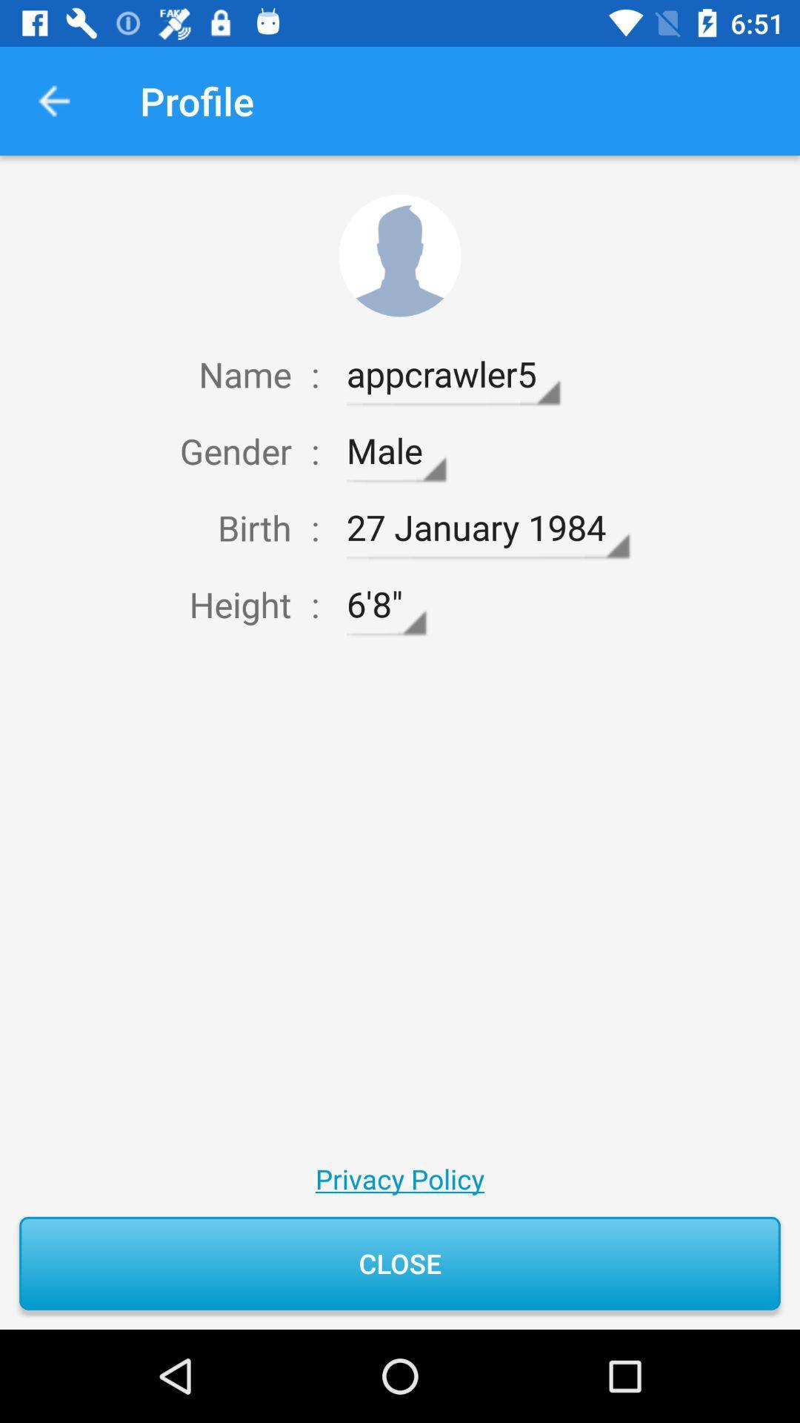 This screenshot has height=1423, width=800. What do you see at coordinates (400, 256) in the screenshot?
I see `the avatar icon` at bounding box center [400, 256].